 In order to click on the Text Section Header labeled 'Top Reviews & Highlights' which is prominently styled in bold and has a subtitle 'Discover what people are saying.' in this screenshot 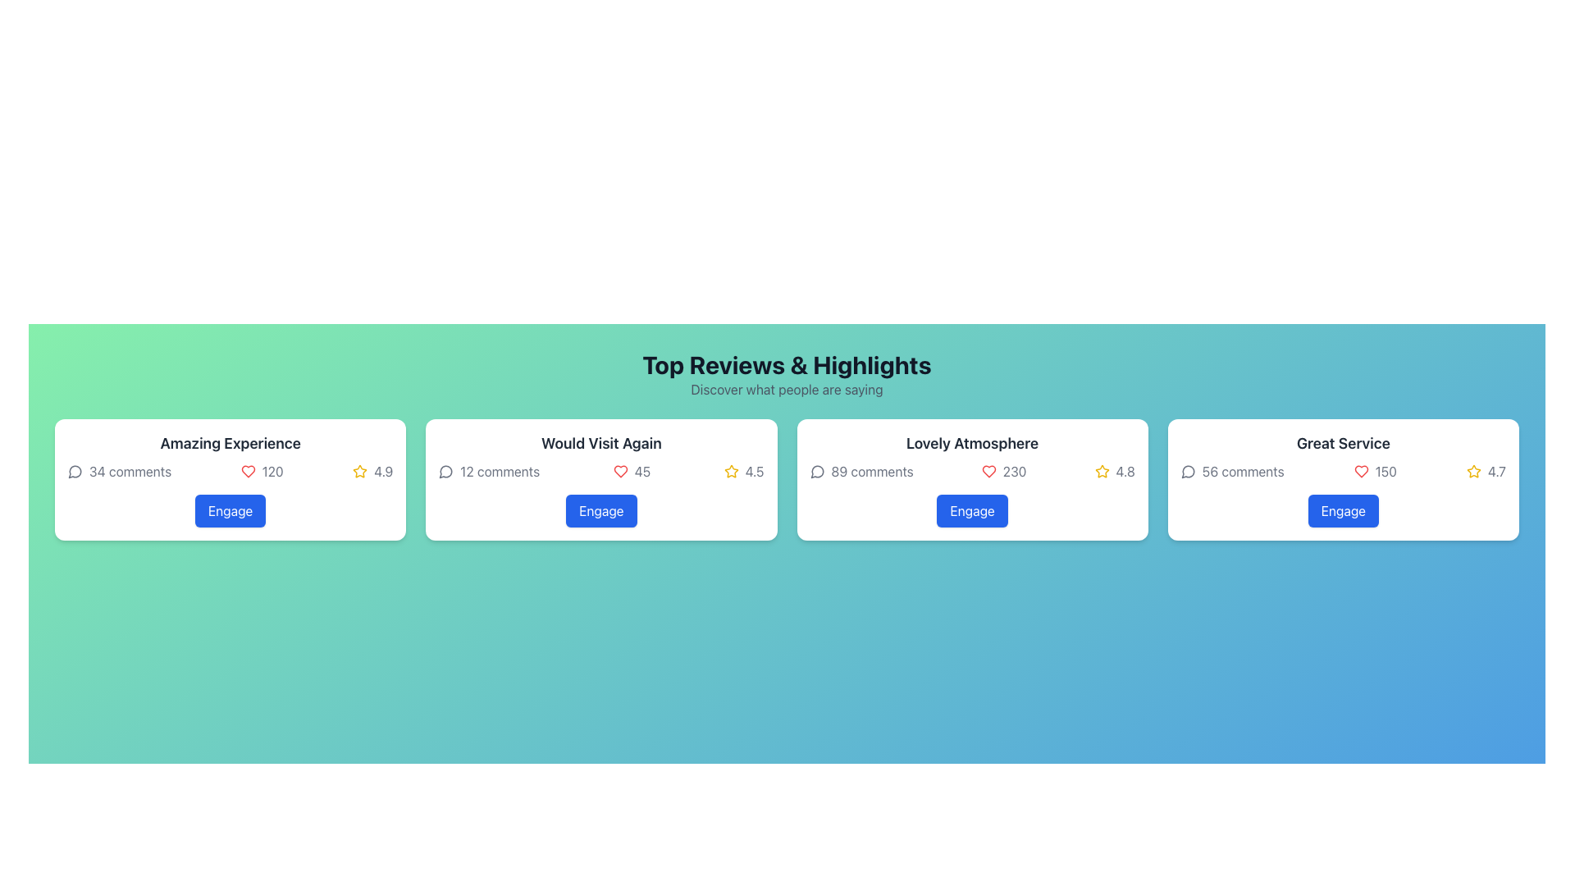, I will do `click(786, 374)`.